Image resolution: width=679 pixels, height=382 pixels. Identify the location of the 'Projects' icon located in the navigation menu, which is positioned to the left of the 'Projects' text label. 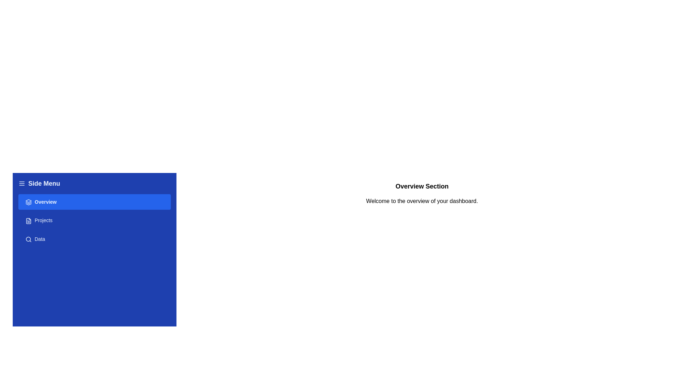
(28, 220).